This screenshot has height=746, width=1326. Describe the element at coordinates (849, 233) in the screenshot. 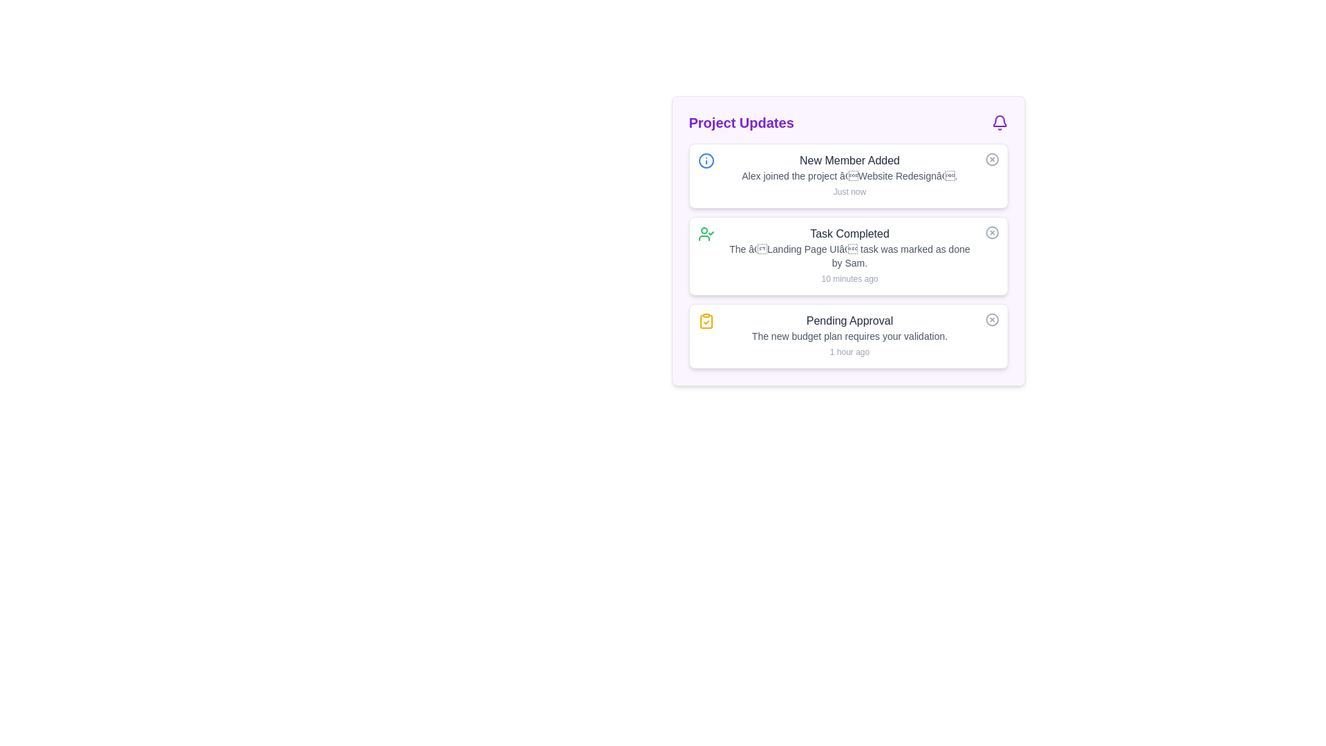

I see `the title label indicating the completion of a task within the second notification card of the 'Project Updates' panel` at that location.